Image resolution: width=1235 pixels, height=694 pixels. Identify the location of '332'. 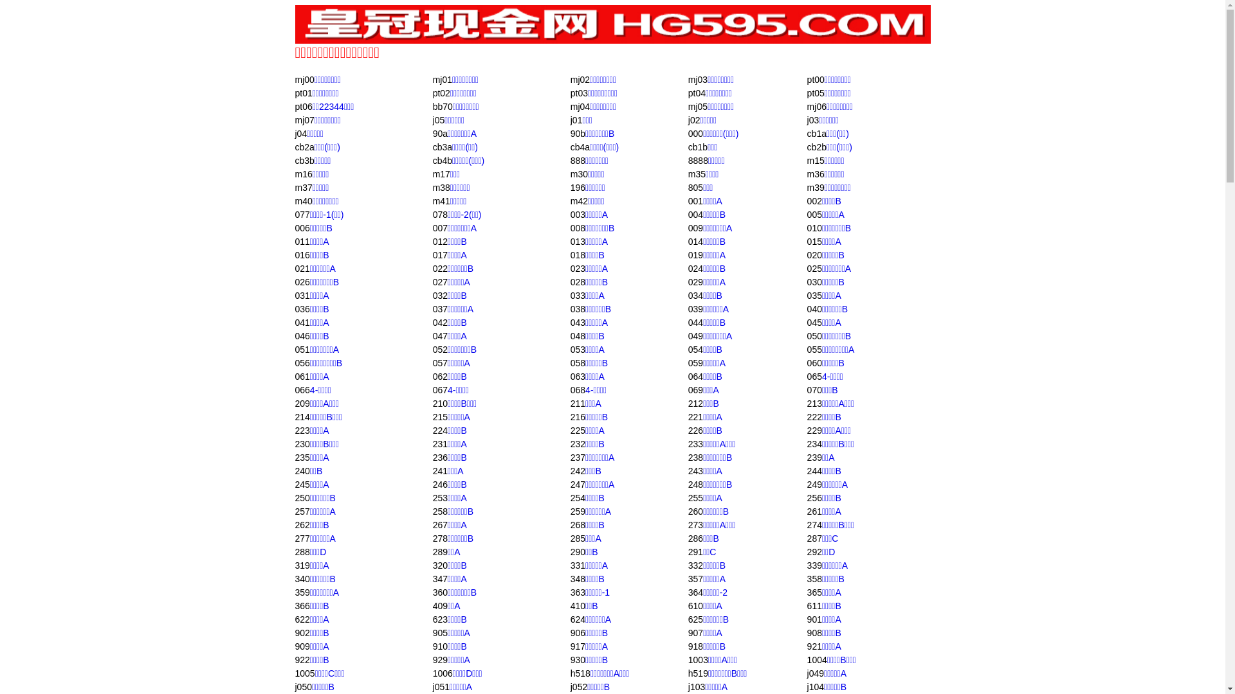
(695, 564).